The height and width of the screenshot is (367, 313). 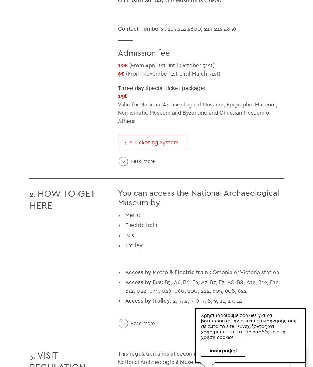 What do you see at coordinates (148, 300) in the screenshot?
I see `'Access by Trolley:'` at bounding box center [148, 300].